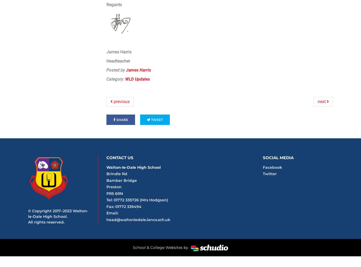  Describe the element at coordinates (115, 119) in the screenshot. I see `'share'` at that location.